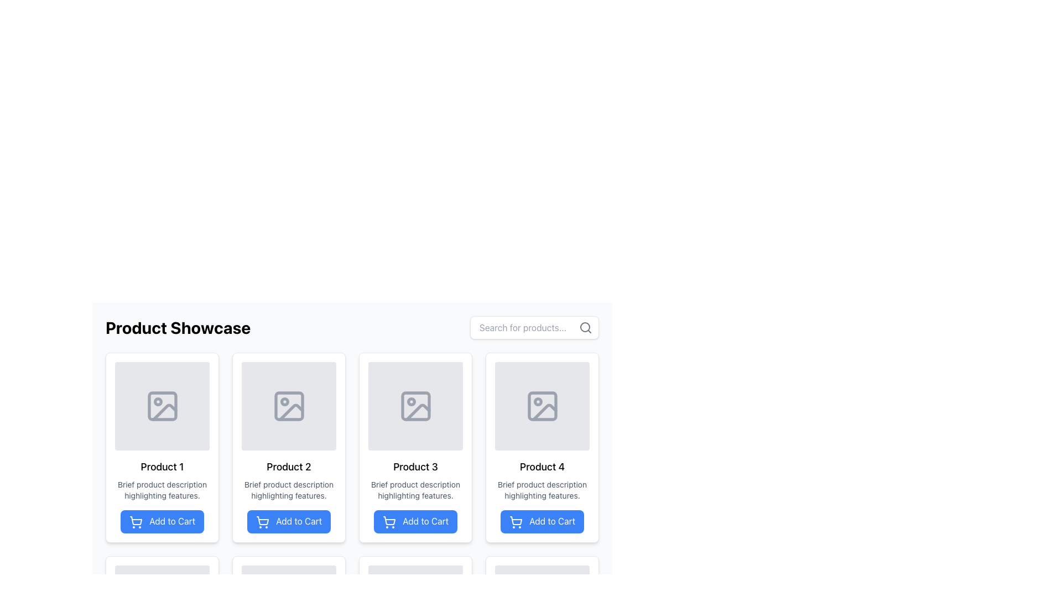 The width and height of the screenshot is (1062, 597). Describe the element at coordinates (162, 467) in the screenshot. I see `the product title text label located in the first card of the product listings grid, positioned below the image placeholder` at that location.